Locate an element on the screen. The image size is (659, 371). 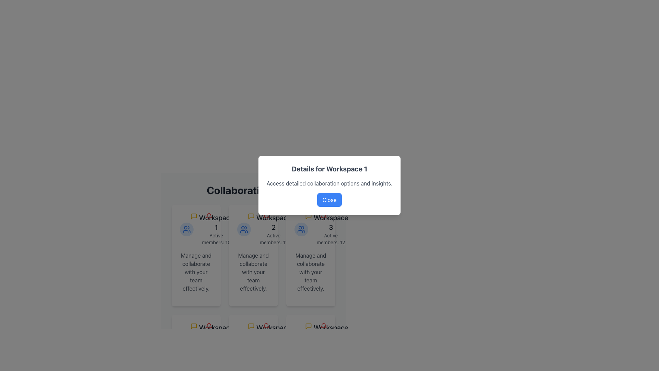
the Decorative Icon with two user outlines in blue color, located within the card titled 'Workspace 1' is located at coordinates (186, 229).